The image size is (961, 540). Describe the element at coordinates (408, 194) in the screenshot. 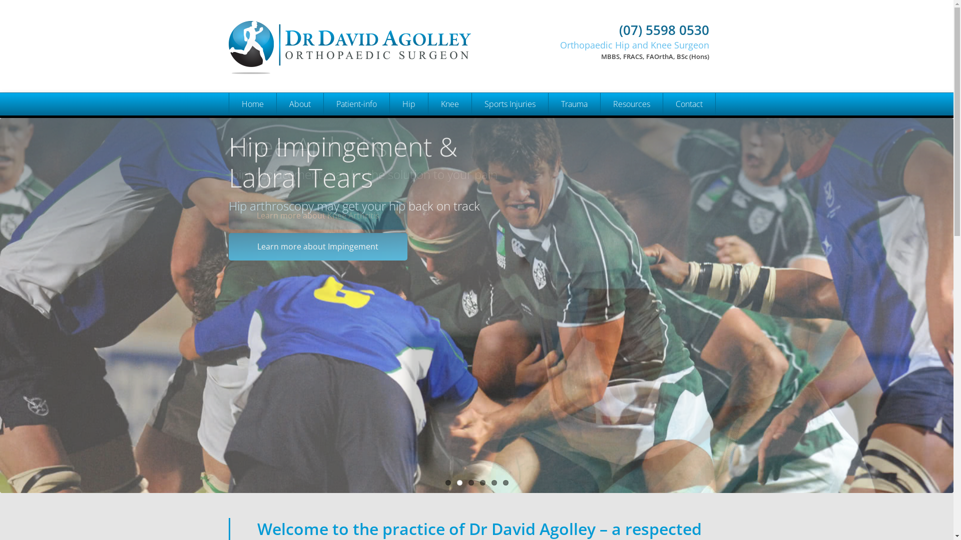

I see `'Hip Impingement and labral tears'` at that location.